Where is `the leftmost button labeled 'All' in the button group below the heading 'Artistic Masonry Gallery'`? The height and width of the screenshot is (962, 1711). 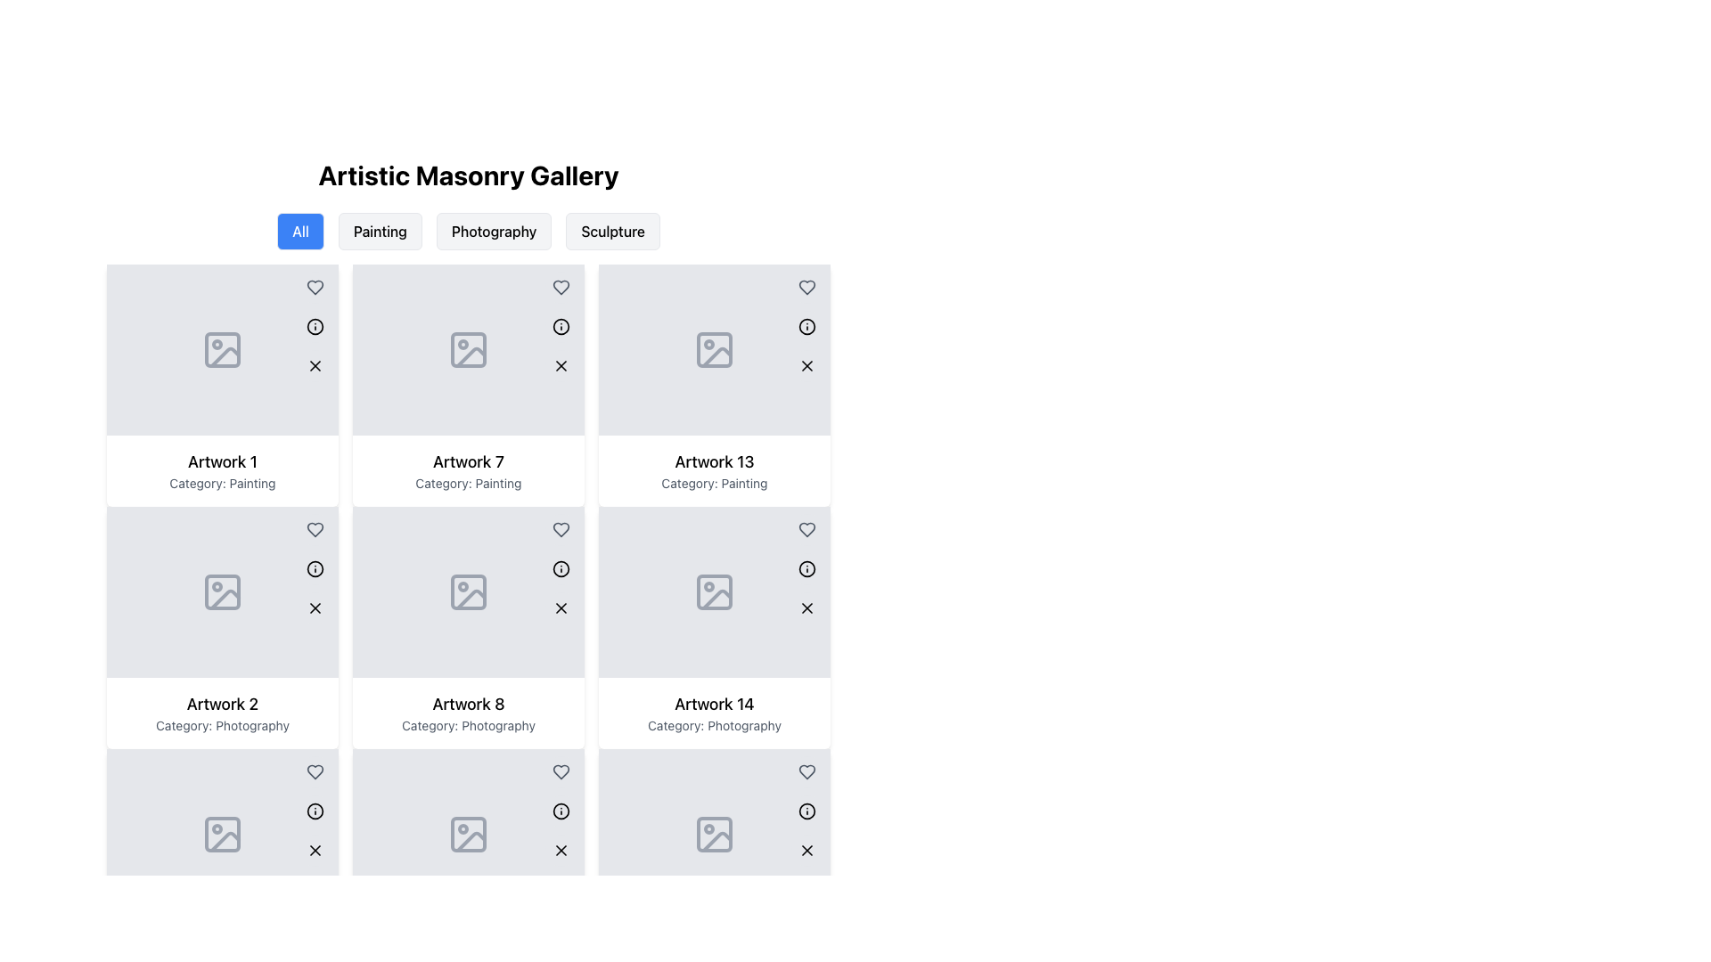
the leftmost button labeled 'All' in the button group below the heading 'Artistic Masonry Gallery' is located at coordinates (300, 230).